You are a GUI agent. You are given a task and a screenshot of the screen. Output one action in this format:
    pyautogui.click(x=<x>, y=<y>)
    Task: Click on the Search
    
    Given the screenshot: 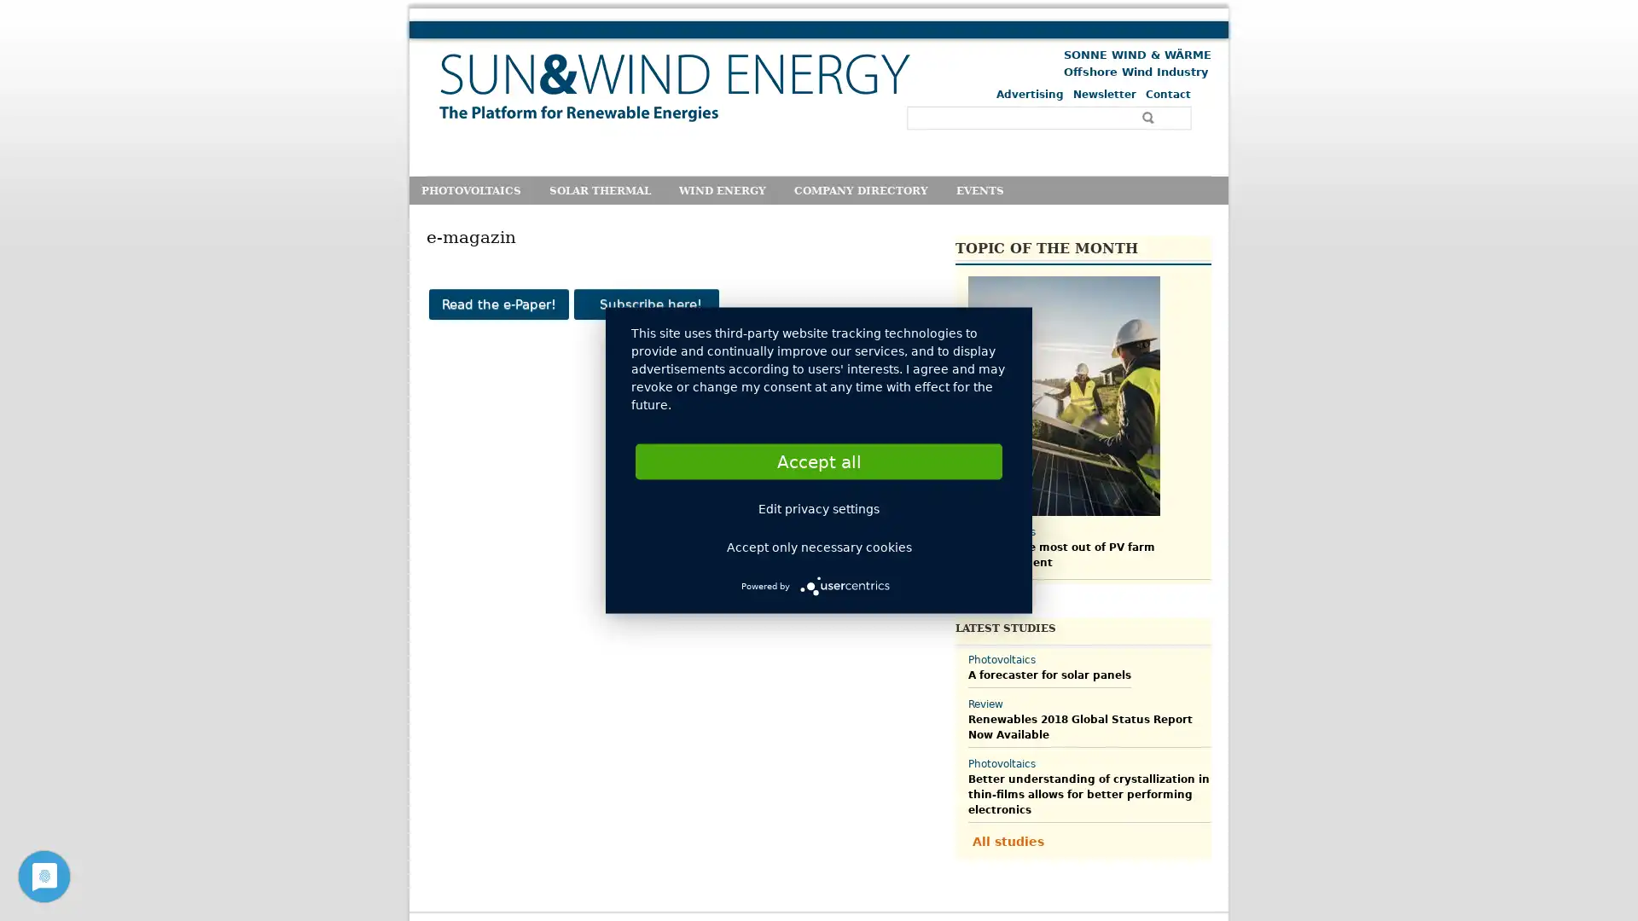 What is the action you would take?
    pyautogui.click(x=1150, y=117)
    